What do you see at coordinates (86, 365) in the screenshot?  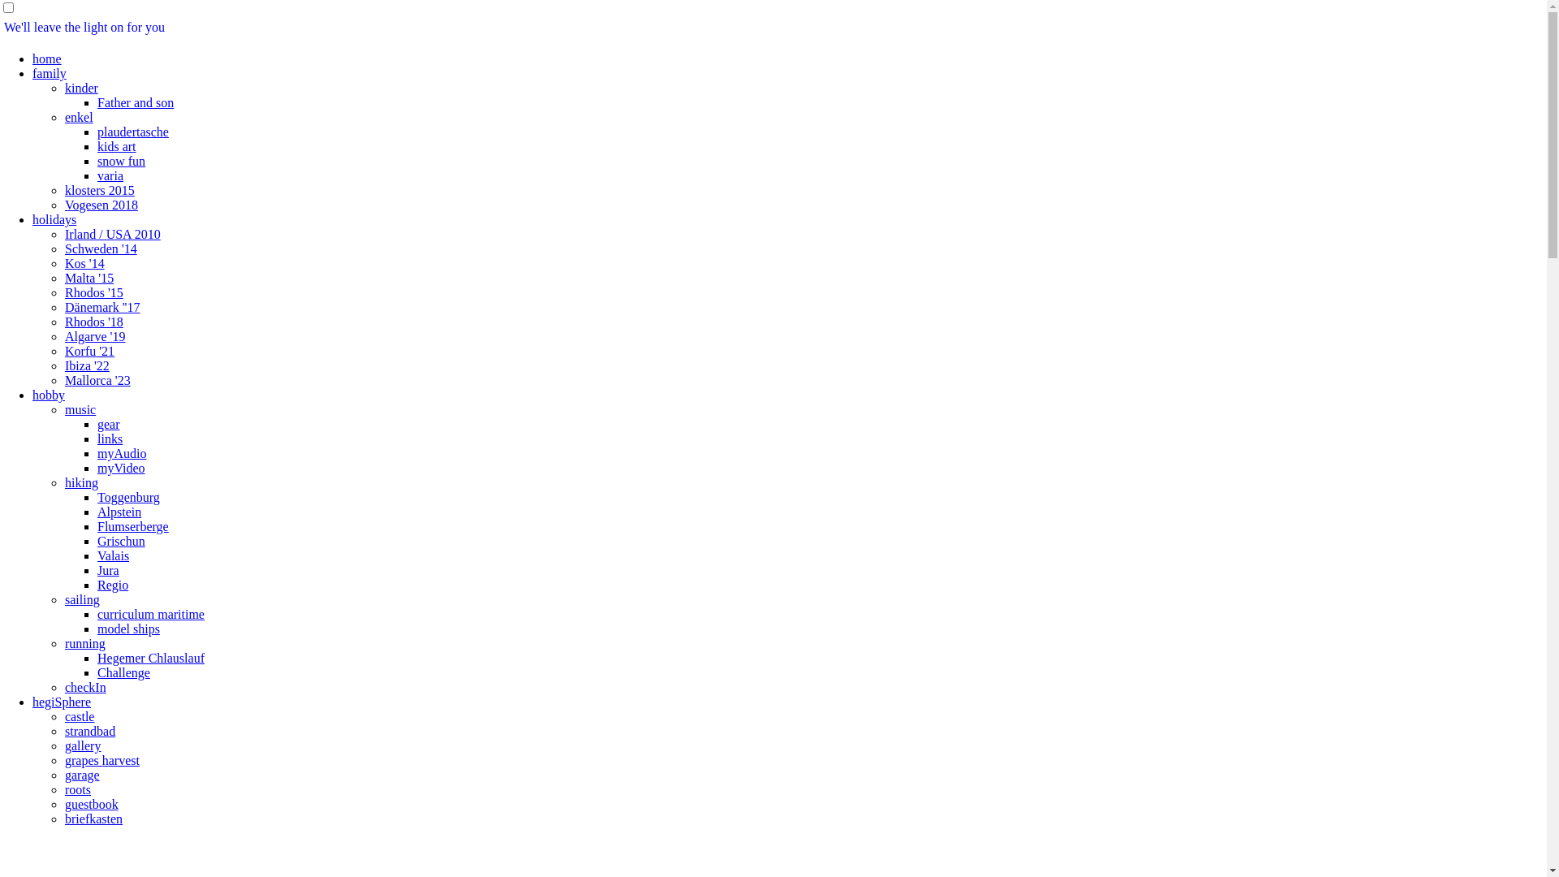 I see `'Ibiza '22'` at bounding box center [86, 365].